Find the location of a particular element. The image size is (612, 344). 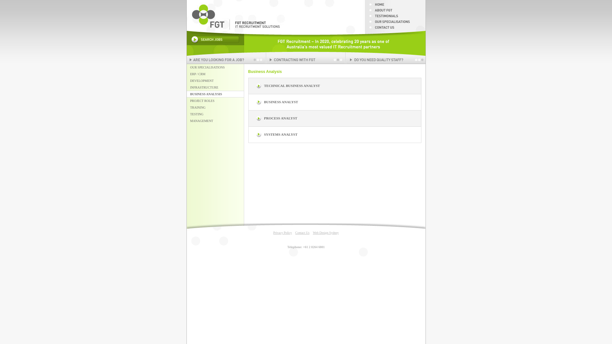

'ABOUT FGT' is located at coordinates (364, 12).